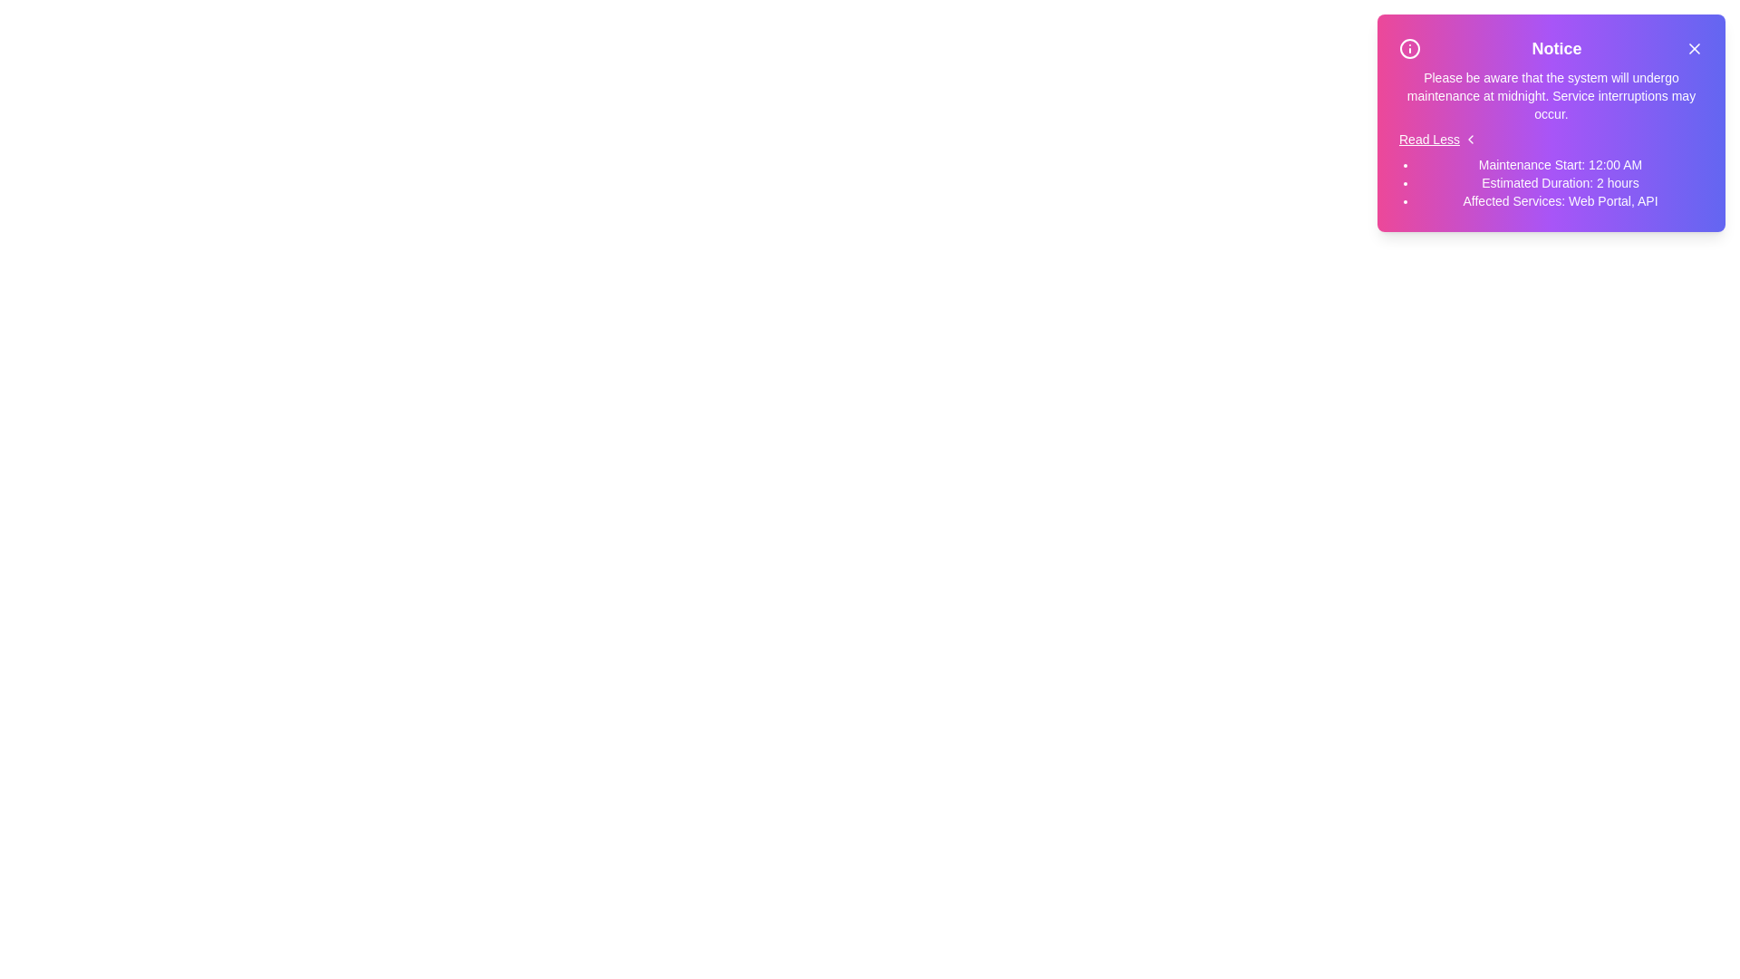 Image resolution: width=1740 pixels, height=979 pixels. I want to click on the close button of the alert to close it, so click(1693, 48).